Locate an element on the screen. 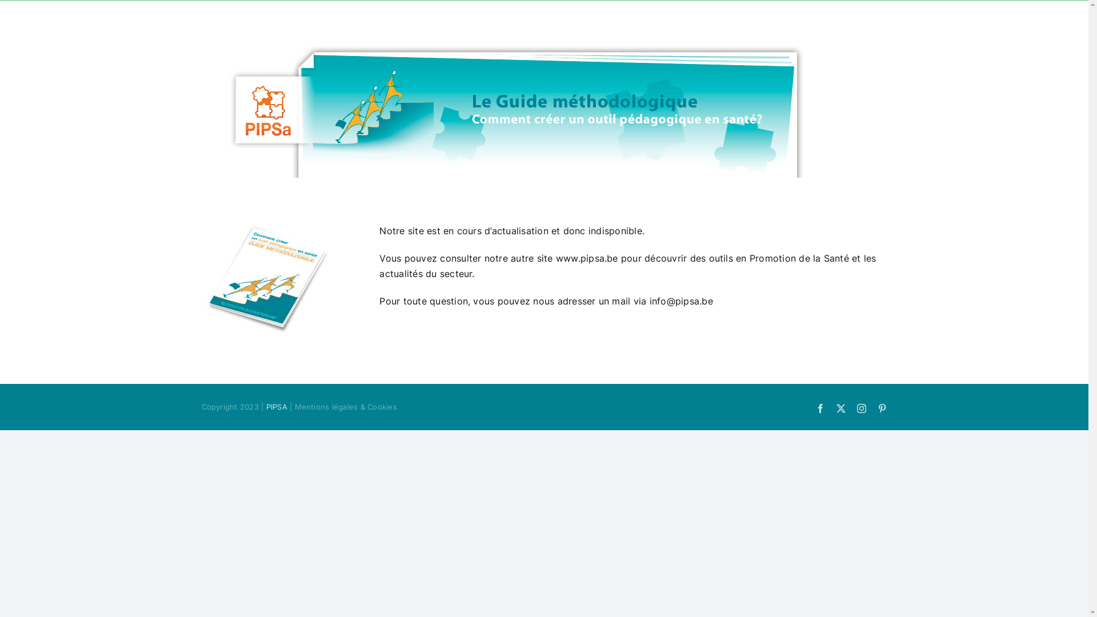 The width and height of the screenshot is (1097, 617). 'www.pipsa.be' is located at coordinates (587, 258).